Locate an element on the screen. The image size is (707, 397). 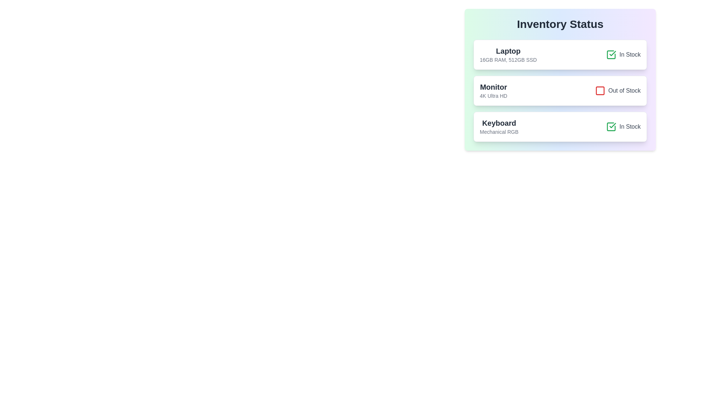
the text label that identifies the product name within the 'Laptop' card in the 'Inventory Status' section is located at coordinates (508, 50).